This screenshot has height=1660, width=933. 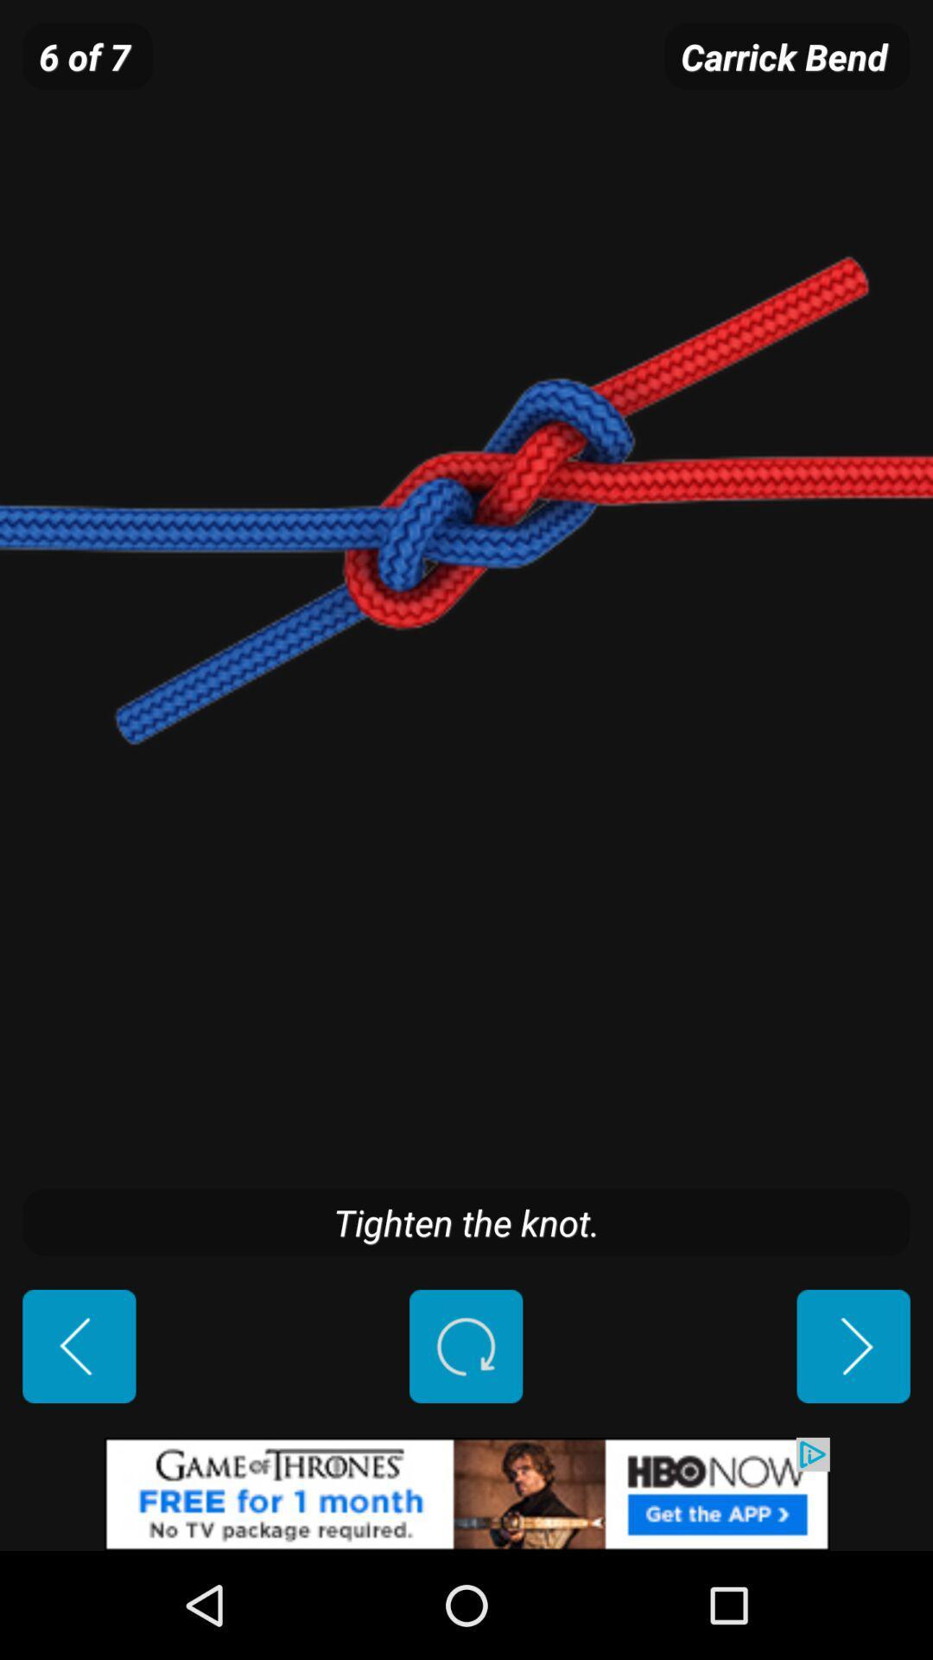 I want to click on advertisement page, so click(x=466, y=1493).